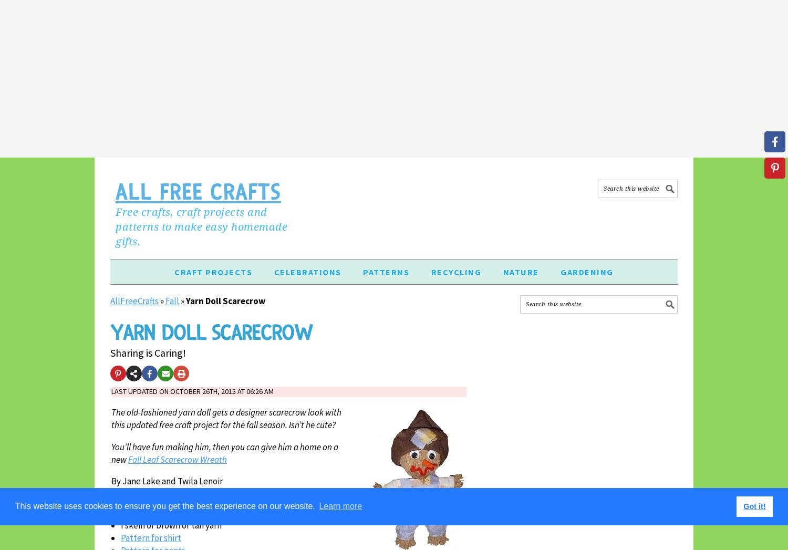 This screenshot has width=788, height=550. Describe the element at coordinates (201, 226) in the screenshot. I see `'Free crafts, craft projects and patterns to make easy homemade gifts.'` at that location.